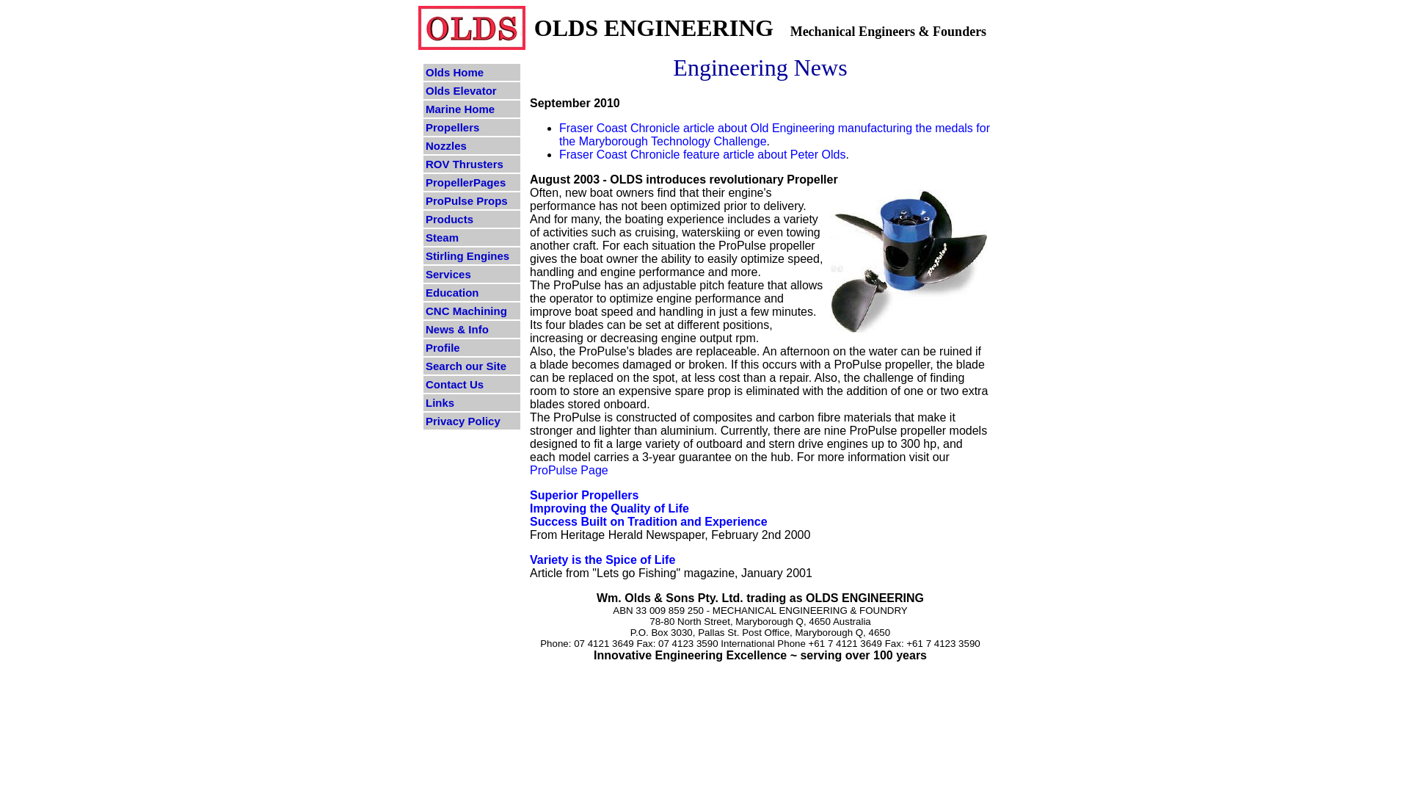 This screenshot has width=1409, height=793. Describe the element at coordinates (472, 365) in the screenshot. I see `'Search our Site'` at that location.